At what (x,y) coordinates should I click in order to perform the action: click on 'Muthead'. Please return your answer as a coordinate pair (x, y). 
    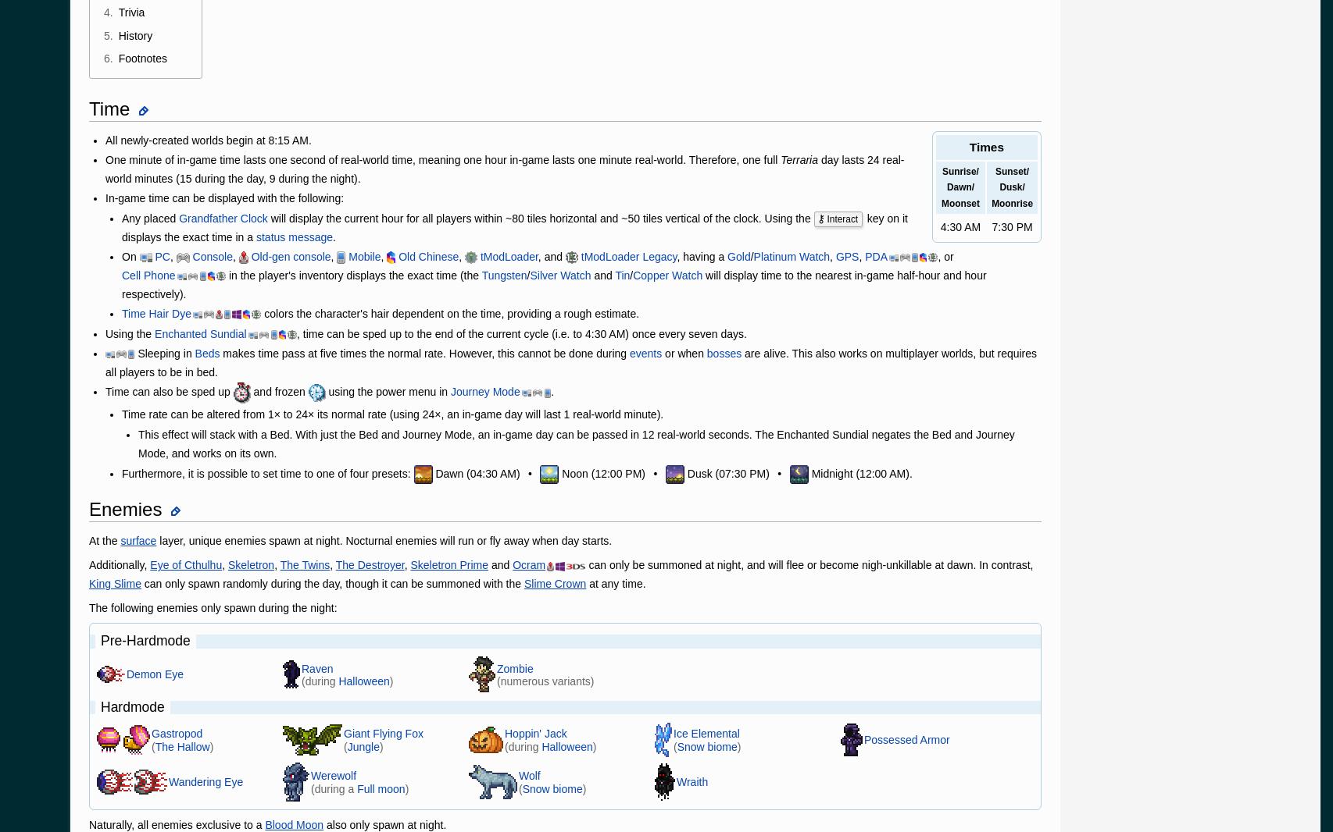
    Looking at the image, I should click on (330, 635).